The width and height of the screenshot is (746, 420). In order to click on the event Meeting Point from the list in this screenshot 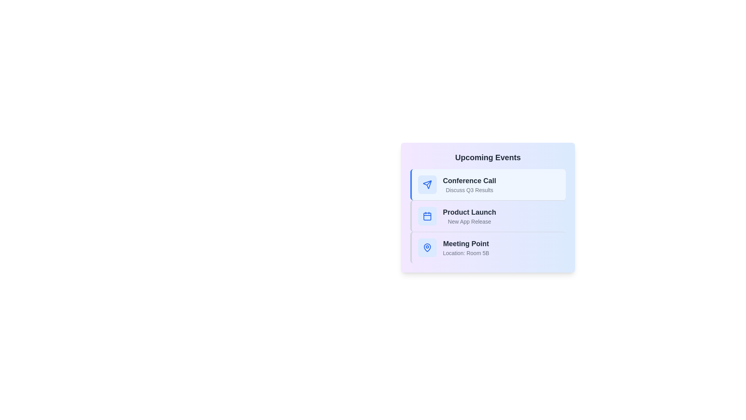, I will do `click(488, 247)`.